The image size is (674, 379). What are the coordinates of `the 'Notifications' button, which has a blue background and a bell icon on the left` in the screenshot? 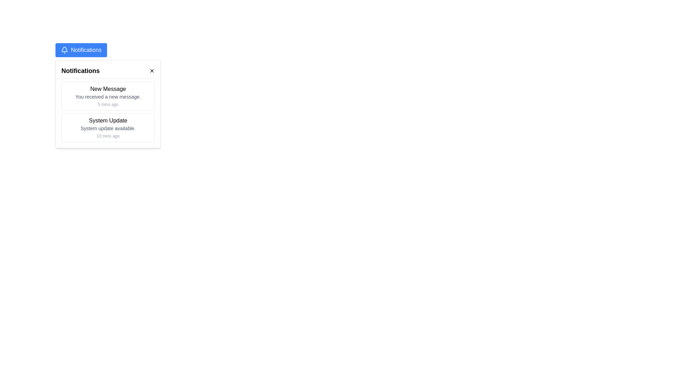 It's located at (81, 49).